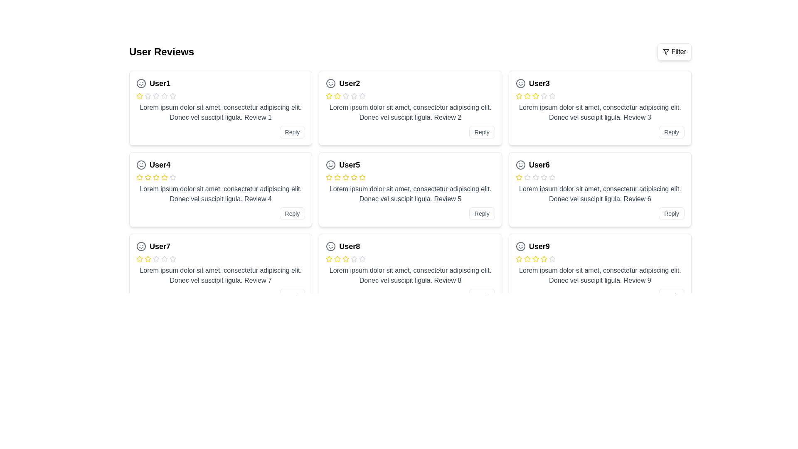 This screenshot has width=798, height=449. What do you see at coordinates (148, 259) in the screenshot?
I see `the third yellow star icon with a hollow center and yellow borders in the review section for 'User7' to rate it` at bounding box center [148, 259].